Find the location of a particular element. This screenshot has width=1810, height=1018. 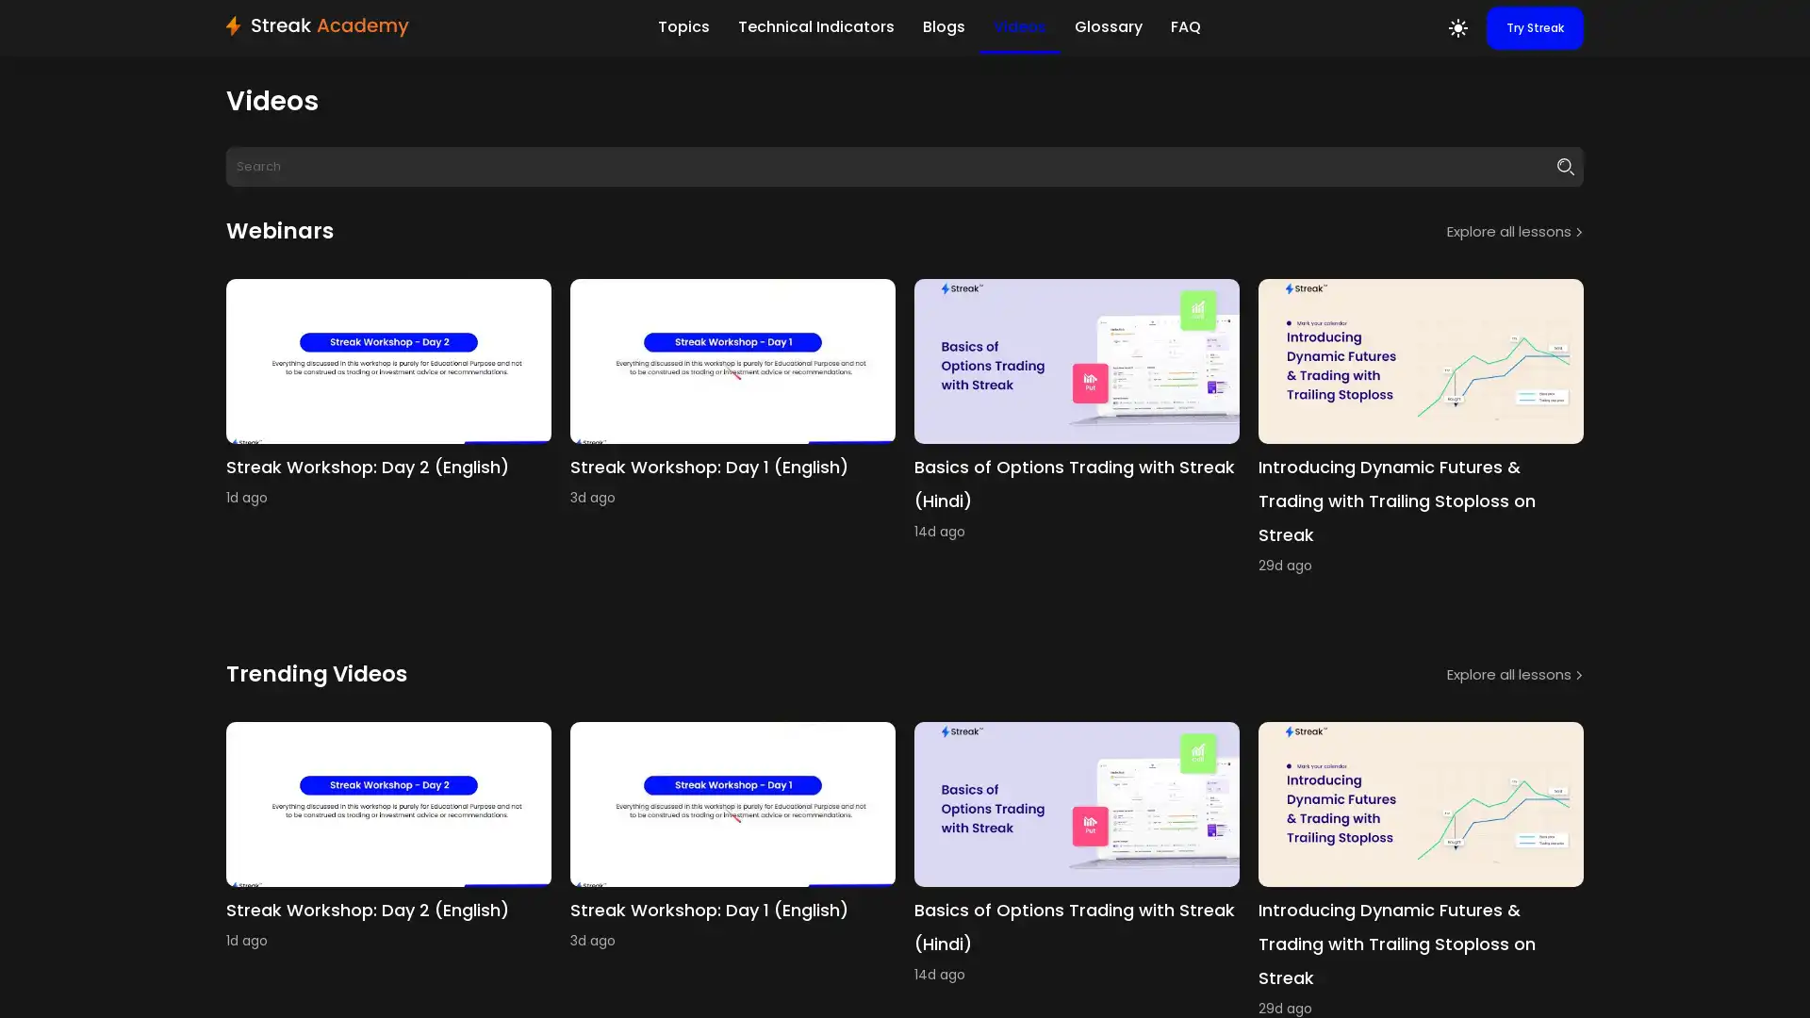

Blogs is located at coordinates (943, 25).